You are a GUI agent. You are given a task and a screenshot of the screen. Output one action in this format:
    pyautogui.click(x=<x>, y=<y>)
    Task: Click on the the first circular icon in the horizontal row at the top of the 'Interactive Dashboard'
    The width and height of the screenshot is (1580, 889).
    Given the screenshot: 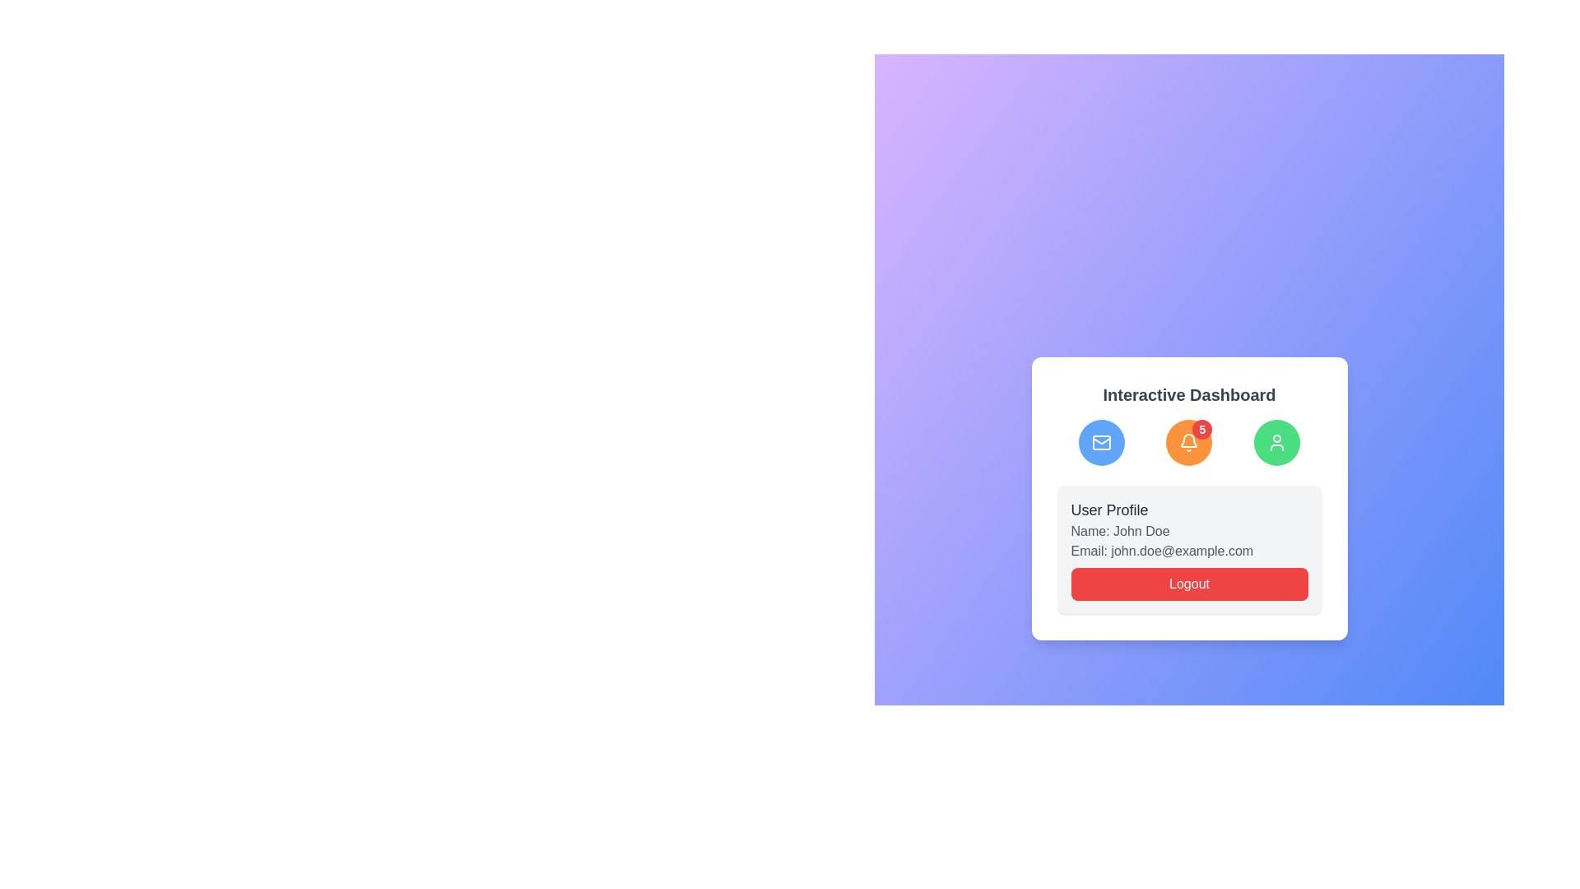 What is the action you would take?
    pyautogui.click(x=1101, y=441)
    